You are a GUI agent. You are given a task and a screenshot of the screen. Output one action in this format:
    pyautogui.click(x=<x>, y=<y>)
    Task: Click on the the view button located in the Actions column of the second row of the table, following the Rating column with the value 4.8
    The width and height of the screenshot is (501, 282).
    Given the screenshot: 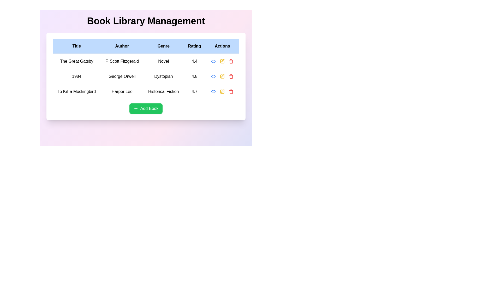 What is the action you would take?
    pyautogui.click(x=213, y=77)
    